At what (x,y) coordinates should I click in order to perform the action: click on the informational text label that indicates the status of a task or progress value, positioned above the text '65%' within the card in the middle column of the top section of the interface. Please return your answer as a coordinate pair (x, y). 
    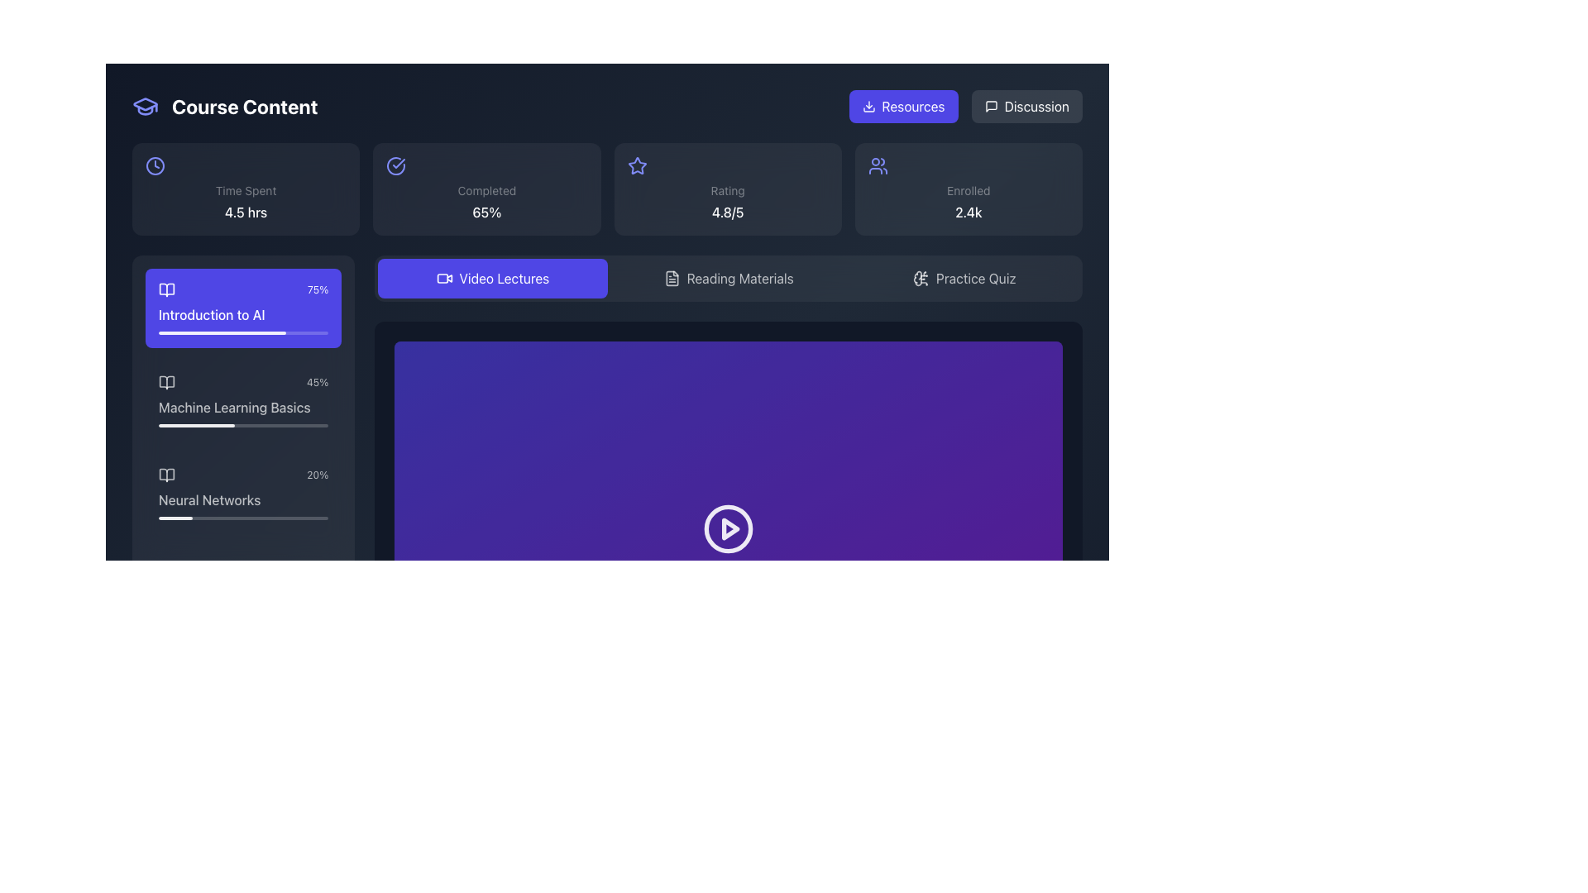
    Looking at the image, I should click on (485, 190).